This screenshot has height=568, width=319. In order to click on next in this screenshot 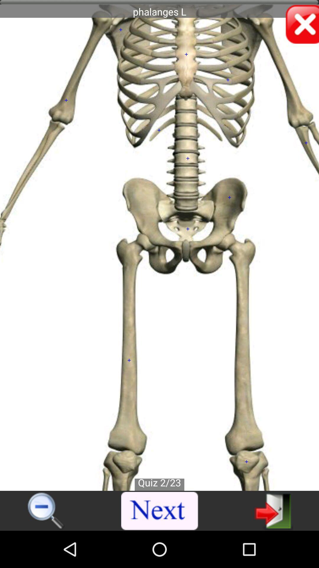, I will do `click(160, 511)`.